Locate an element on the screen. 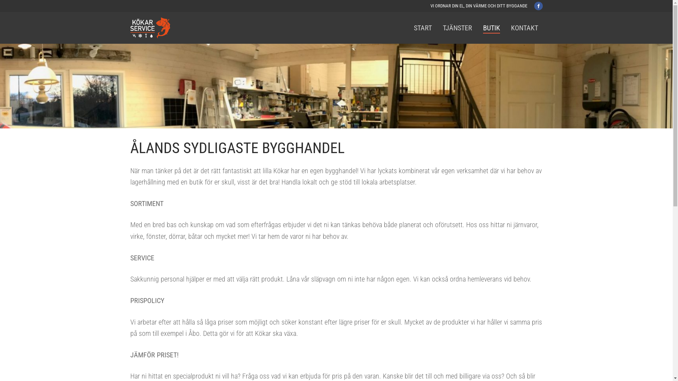  'BUTIK' is located at coordinates (491, 27).